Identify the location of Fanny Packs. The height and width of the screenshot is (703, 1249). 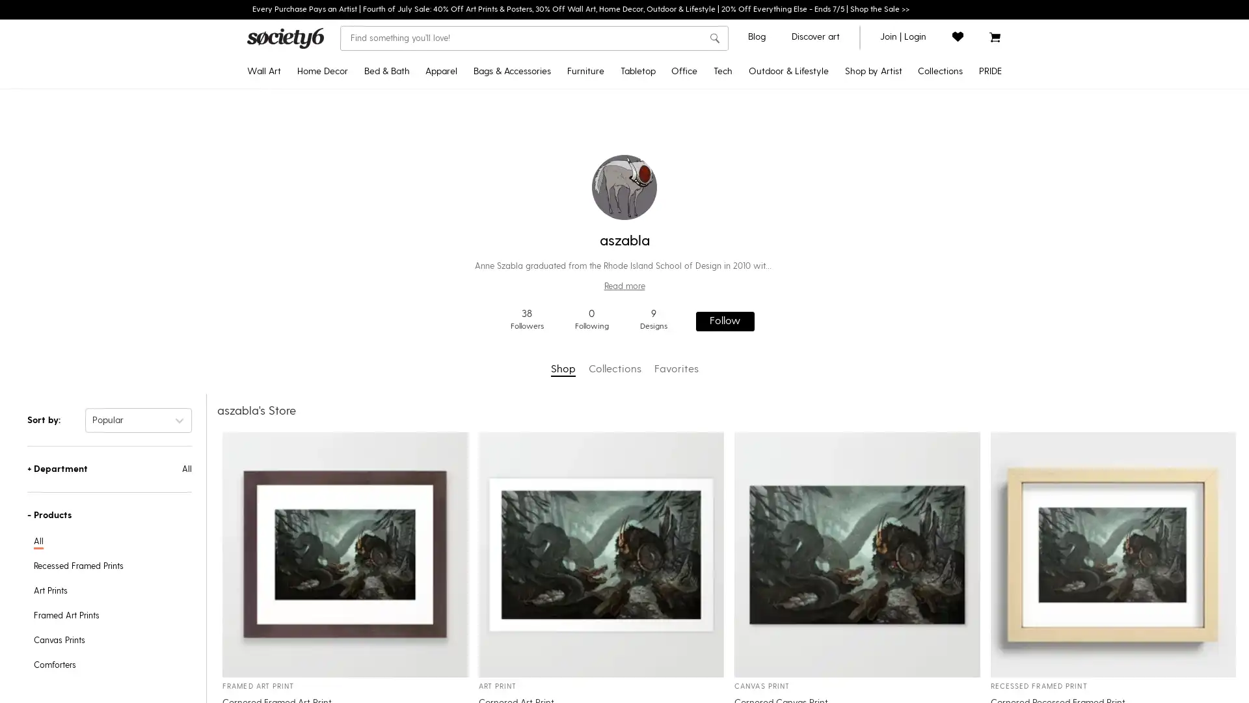
(521, 208).